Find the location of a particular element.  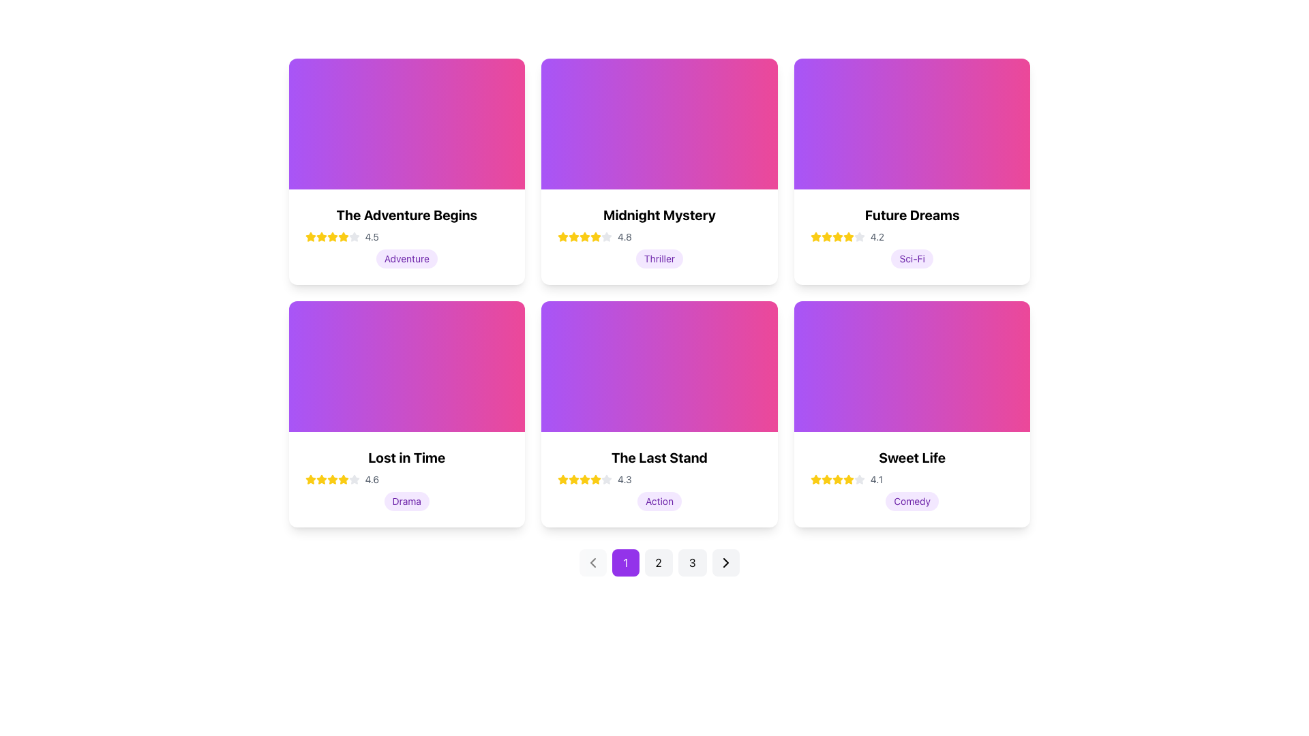

the fourth star icon in the five-star rating system for 'The Last Stand' card is located at coordinates (563, 478).